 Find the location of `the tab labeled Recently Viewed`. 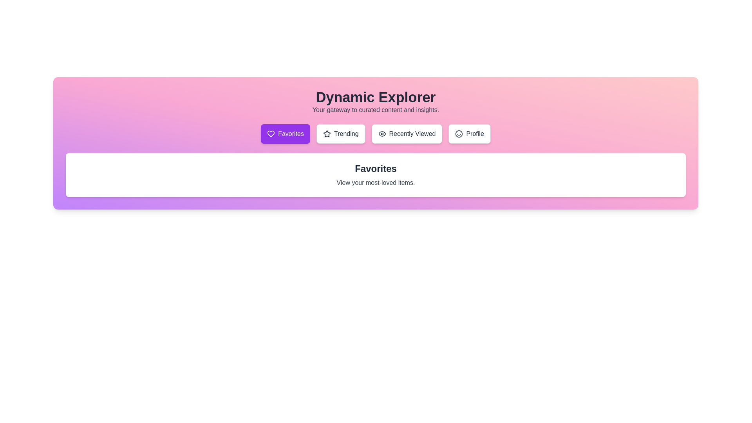

the tab labeled Recently Viewed is located at coordinates (407, 134).